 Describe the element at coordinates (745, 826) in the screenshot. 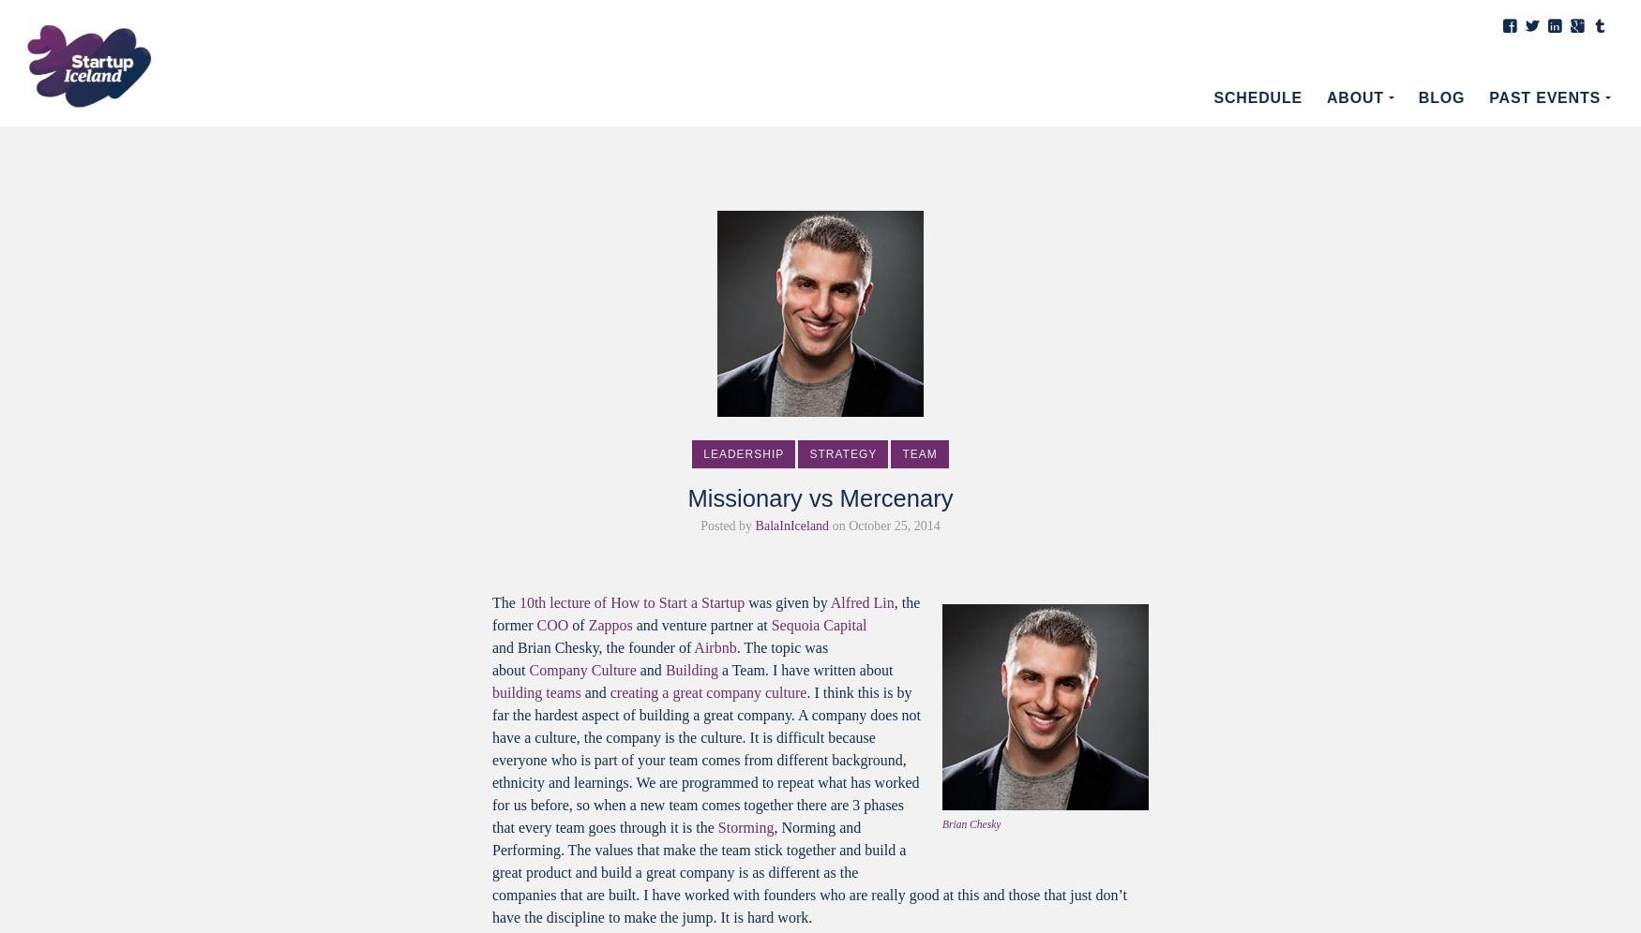

I see `'Storming'` at that location.